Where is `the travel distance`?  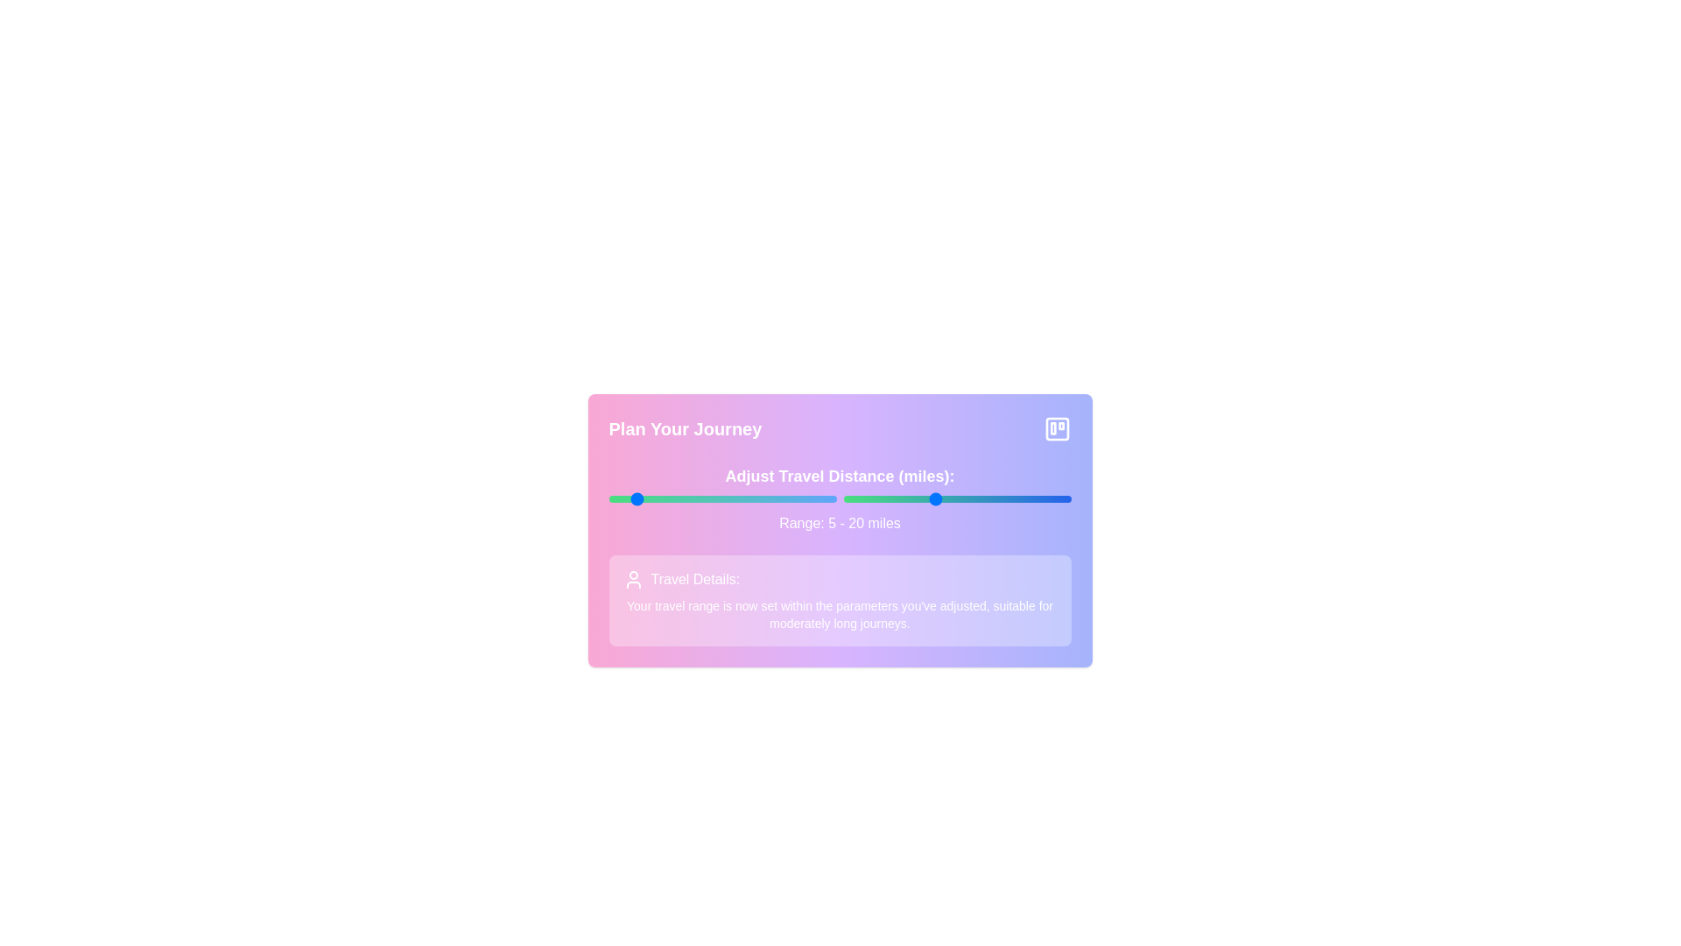 the travel distance is located at coordinates (933, 499).